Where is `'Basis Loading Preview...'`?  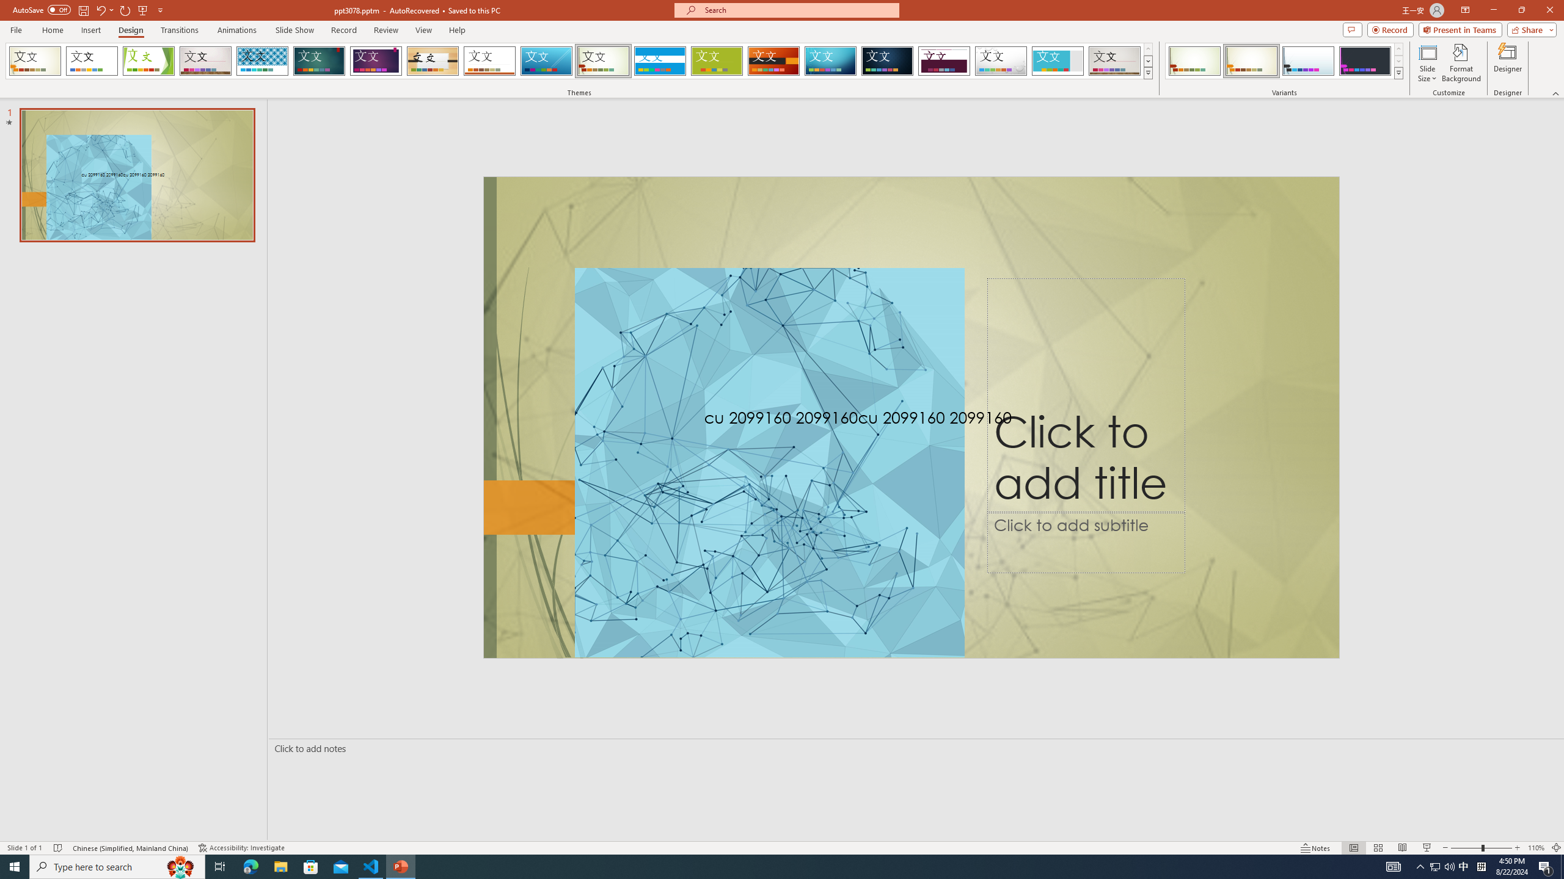 'Basis Loading Preview...' is located at coordinates (717, 60).